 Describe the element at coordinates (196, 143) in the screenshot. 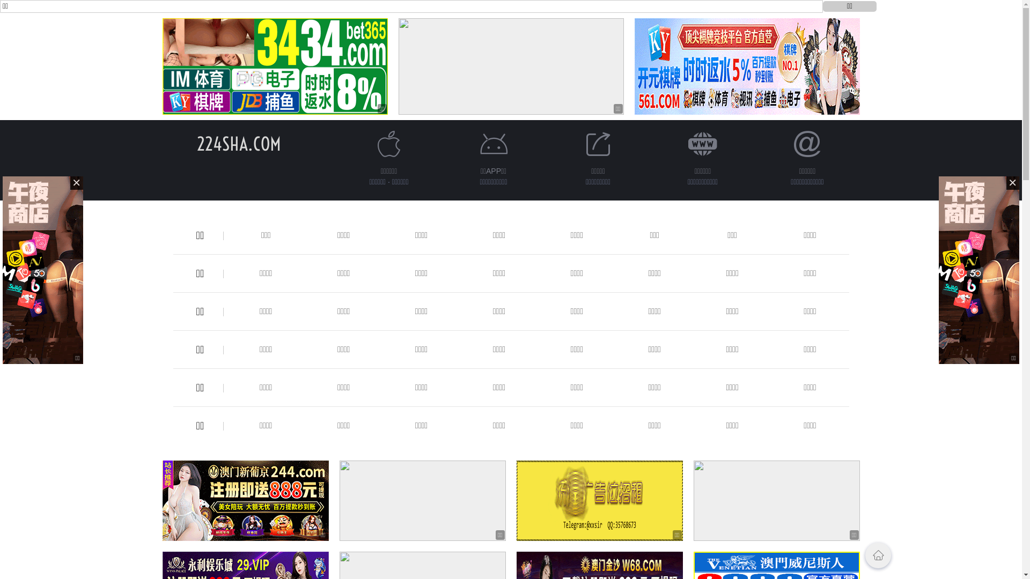

I see `'224SHA.COM'` at that location.